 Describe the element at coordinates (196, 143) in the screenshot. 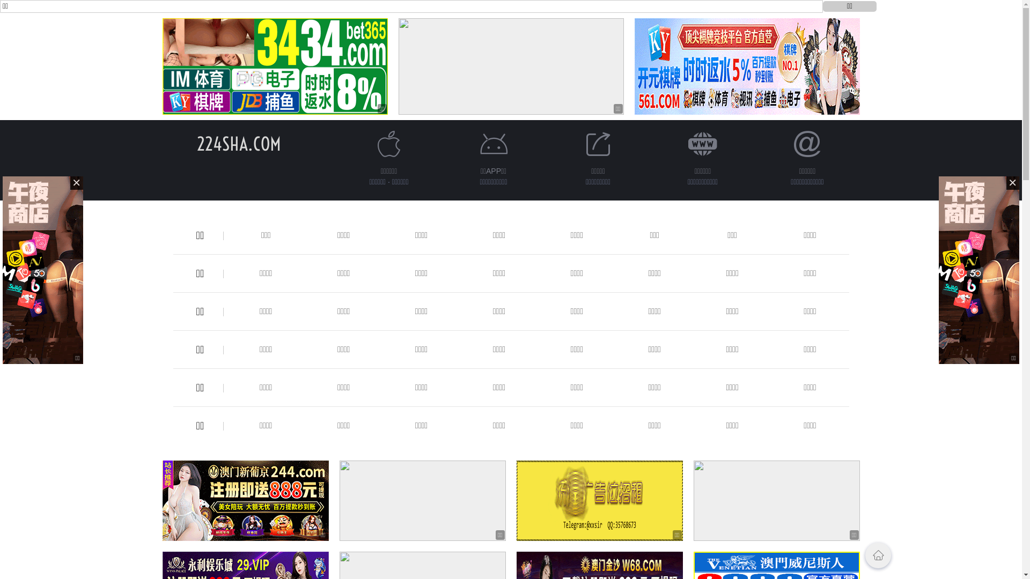

I see `'224SHA.COM'` at that location.